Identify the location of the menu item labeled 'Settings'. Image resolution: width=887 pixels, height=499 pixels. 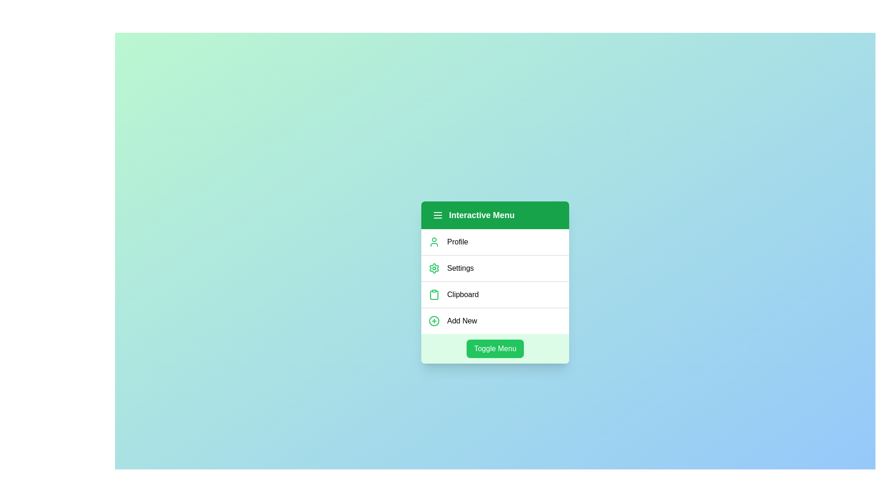
(494, 268).